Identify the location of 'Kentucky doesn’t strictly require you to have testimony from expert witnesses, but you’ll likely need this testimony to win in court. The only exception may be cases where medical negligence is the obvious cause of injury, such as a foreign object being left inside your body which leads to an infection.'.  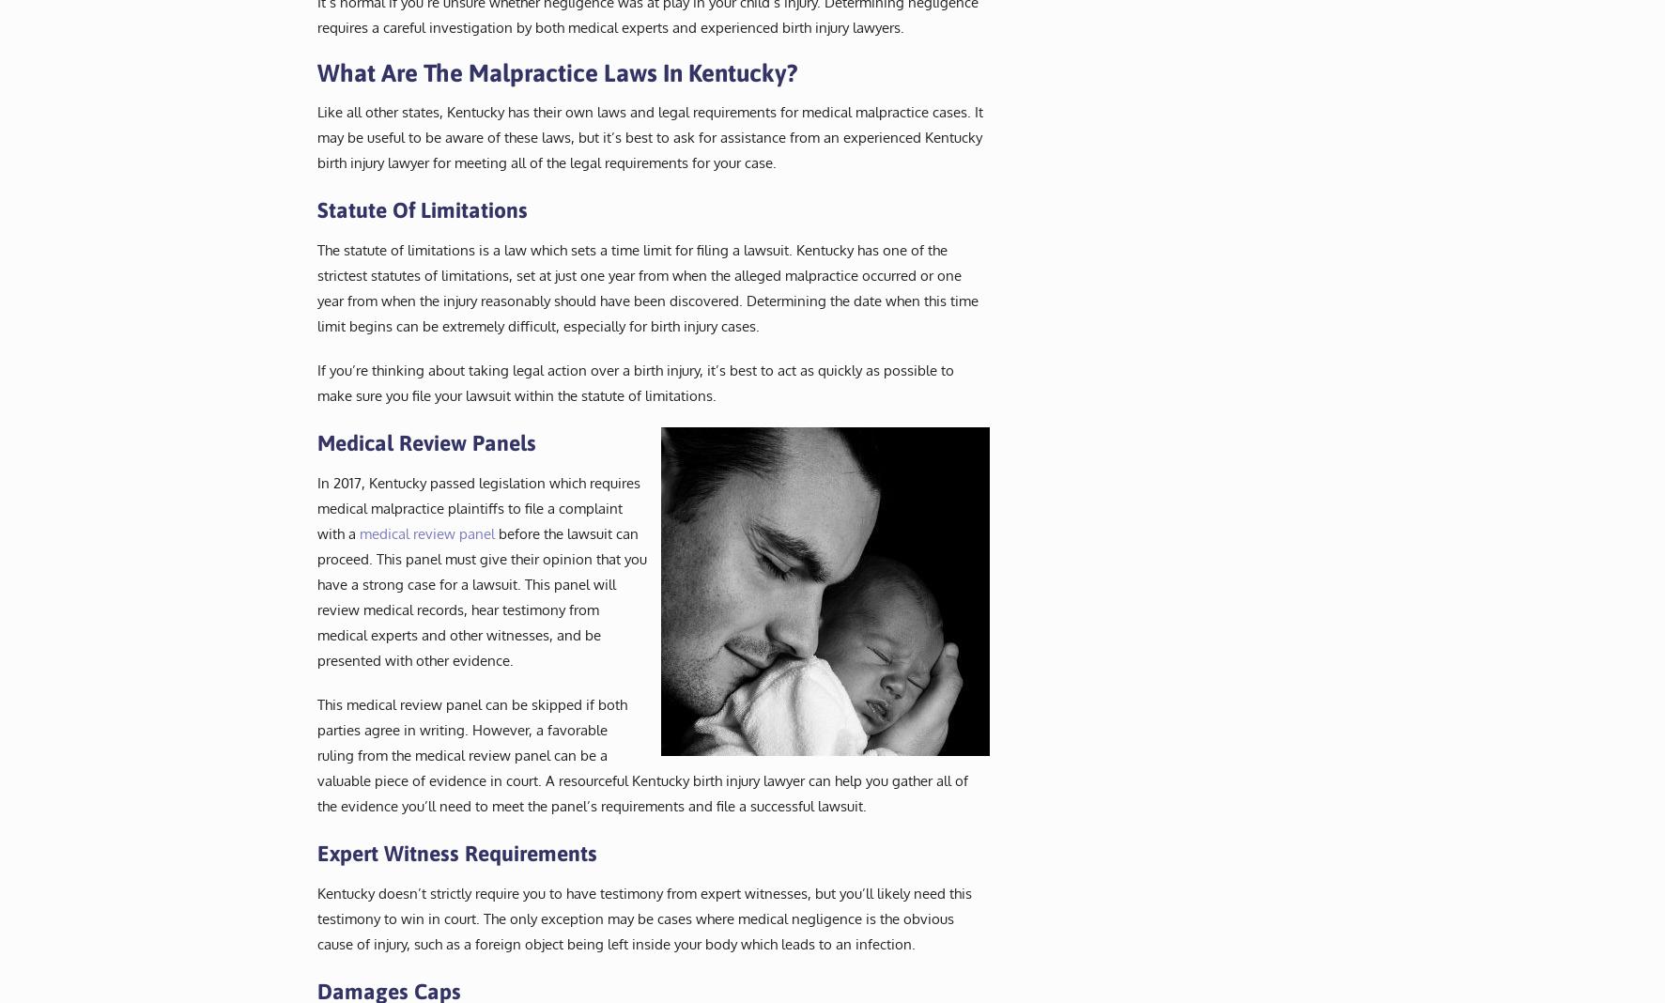
(642, 918).